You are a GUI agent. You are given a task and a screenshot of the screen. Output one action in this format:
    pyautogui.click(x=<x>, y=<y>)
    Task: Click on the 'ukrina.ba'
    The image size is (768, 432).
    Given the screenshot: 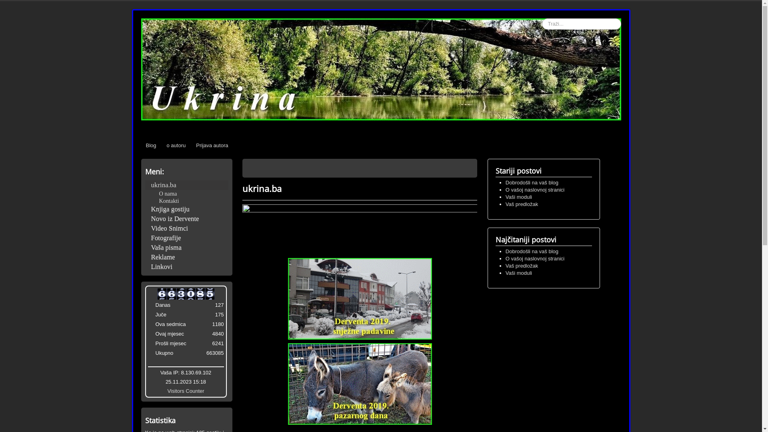 What is the action you would take?
    pyautogui.click(x=186, y=185)
    